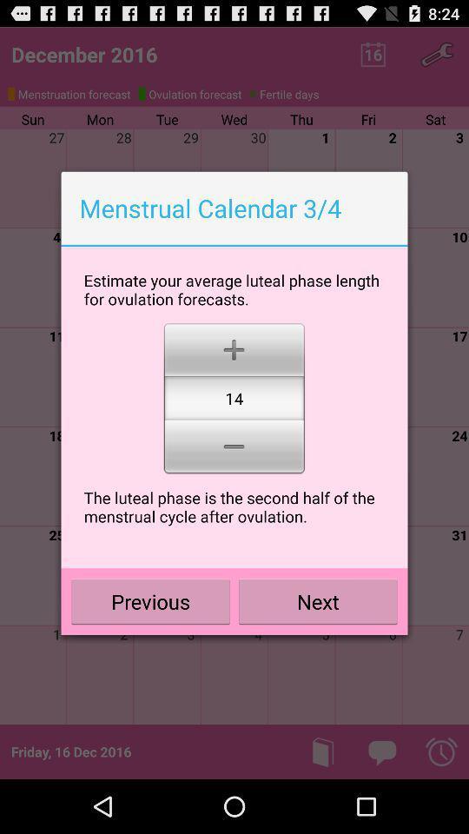 This screenshot has height=834, width=469. What do you see at coordinates (317, 601) in the screenshot?
I see `item below the luteal phase icon` at bounding box center [317, 601].